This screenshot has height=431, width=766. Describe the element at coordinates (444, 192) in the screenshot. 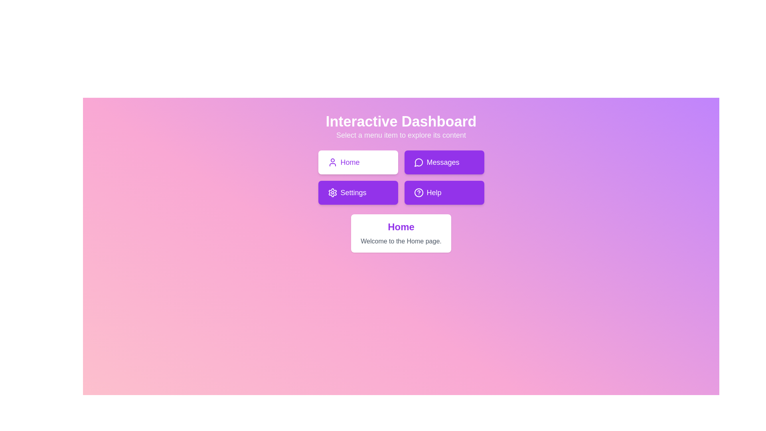

I see `the menu item Help by clicking on its corresponding button` at that location.